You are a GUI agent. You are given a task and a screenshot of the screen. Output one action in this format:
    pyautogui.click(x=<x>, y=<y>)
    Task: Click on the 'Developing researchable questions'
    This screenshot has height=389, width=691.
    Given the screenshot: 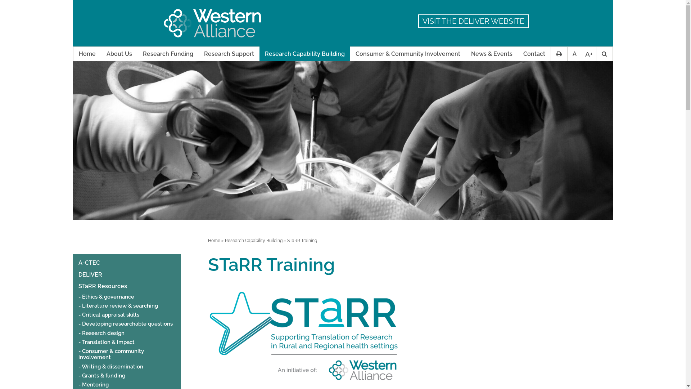 What is the action you would take?
    pyautogui.click(x=78, y=323)
    